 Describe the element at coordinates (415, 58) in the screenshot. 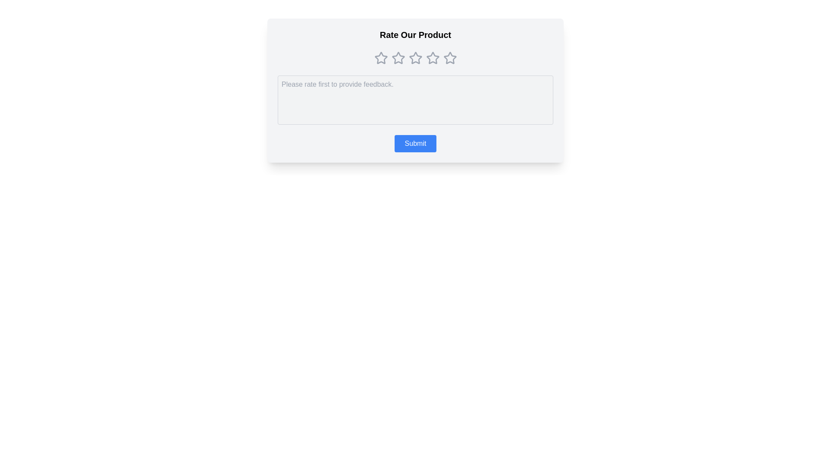

I see `the star icons in the Rating component located under 'Rate Our Product'` at that location.